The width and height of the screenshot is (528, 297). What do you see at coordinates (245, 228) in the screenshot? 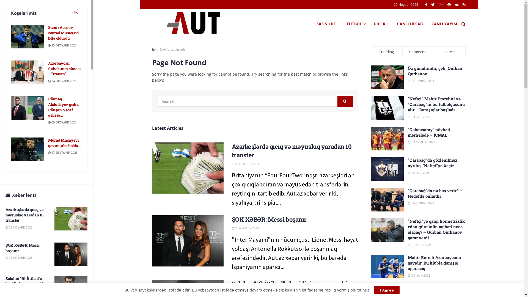
I see `'25 NOYABR 2023'` at bounding box center [245, 228].